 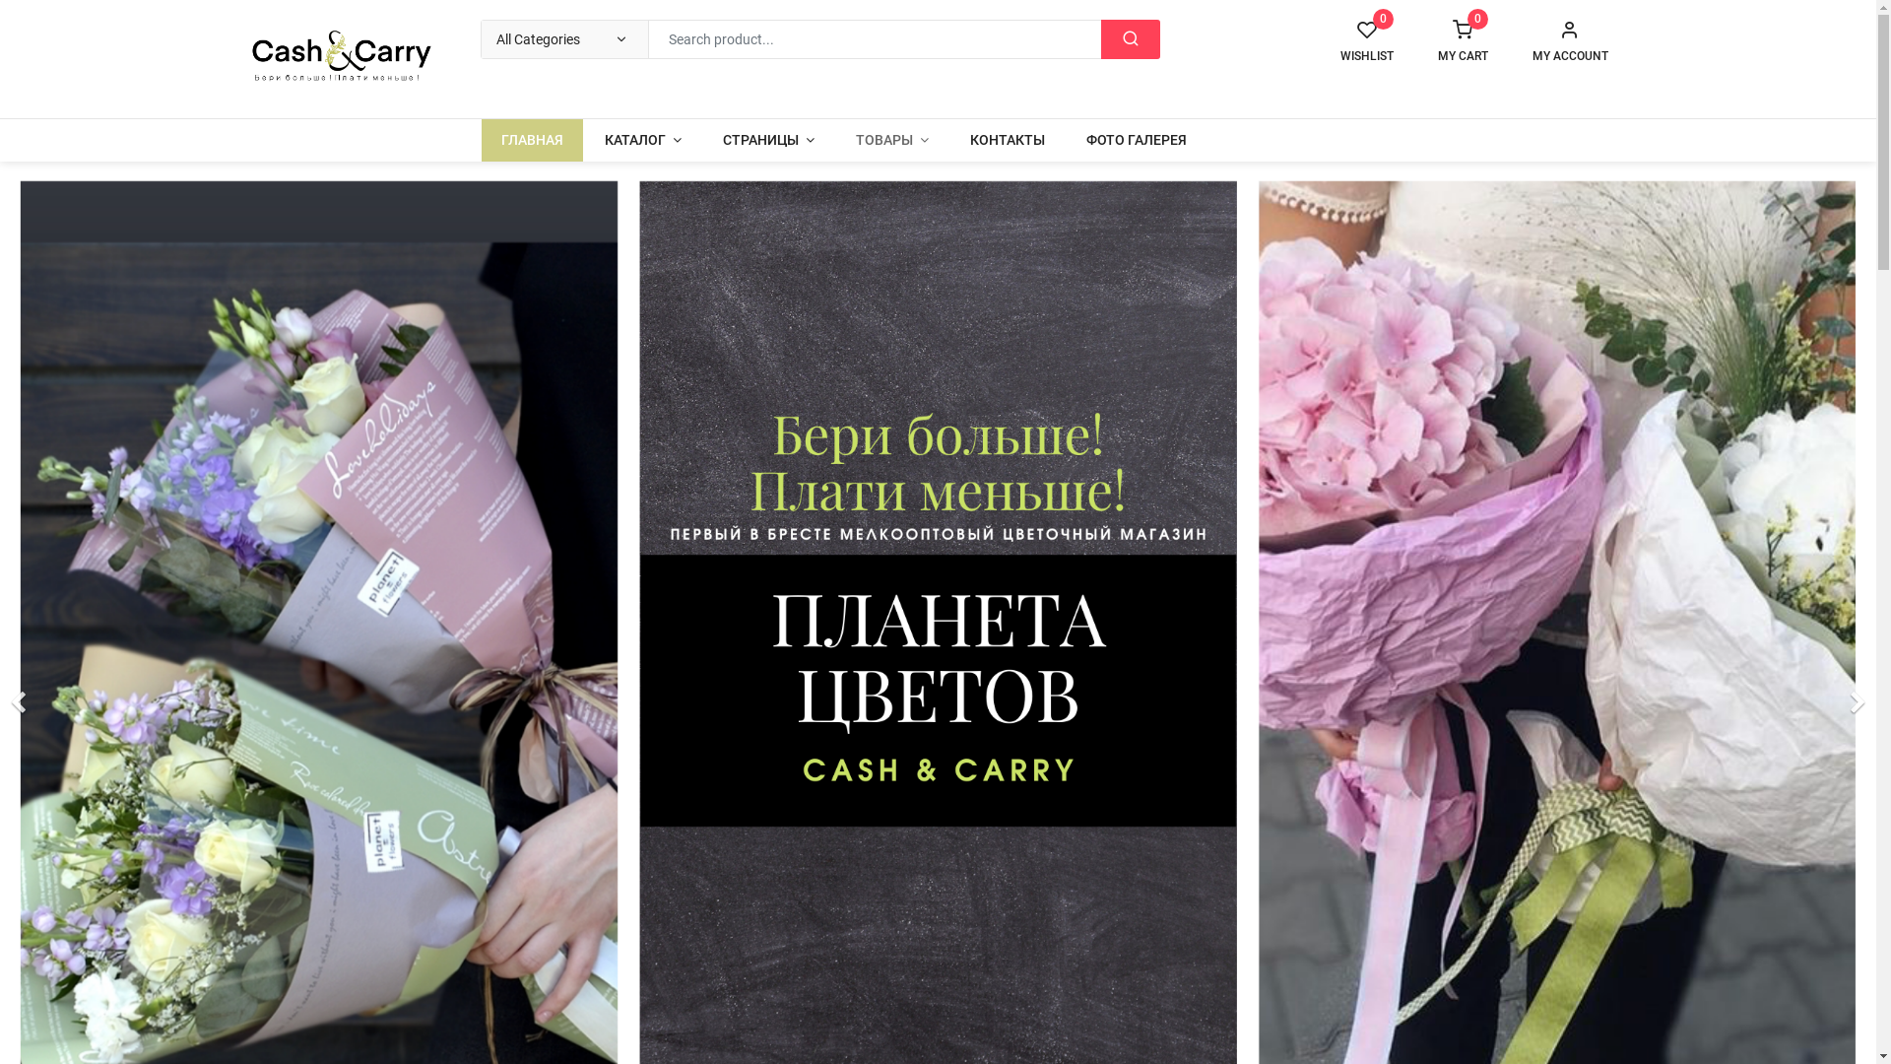 What do you see at coordinates (1463, 41) in the screenshot?
I see `'MY CART` at bounding box center [1463, 41].